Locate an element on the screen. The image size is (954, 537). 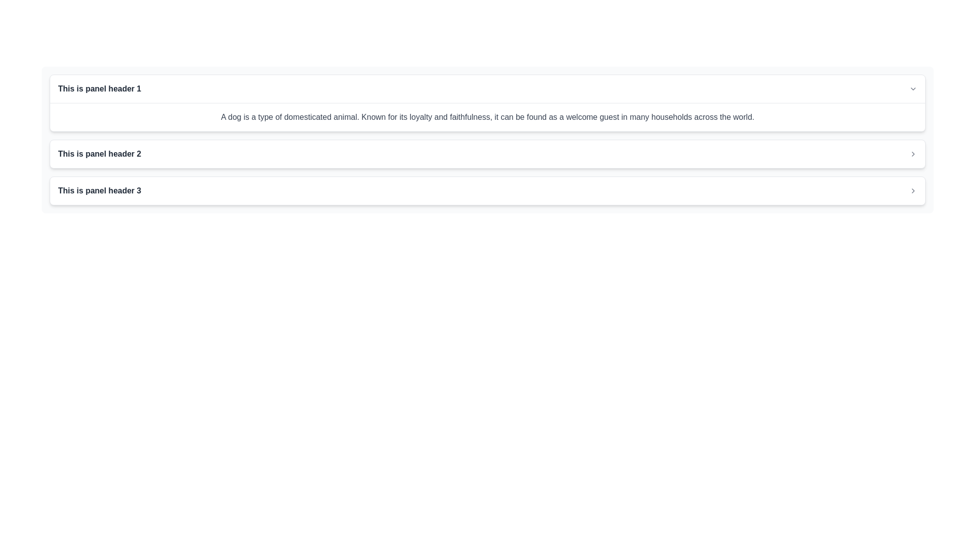
the downward-facing gray chevron icon located at the far-right end of the first panel's header, next to 'This is panel header 1' is located at coordinates (913, 88).